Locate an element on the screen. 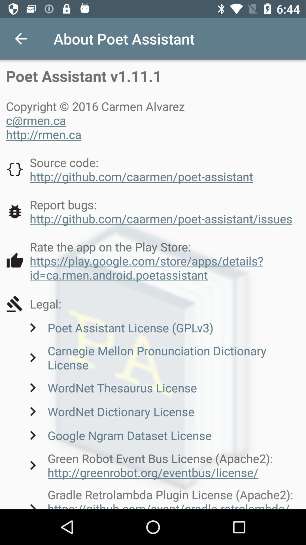 This screenshot has height=545, width=306. the gradle retrolambda plugin is located at coordinates (162, 497).